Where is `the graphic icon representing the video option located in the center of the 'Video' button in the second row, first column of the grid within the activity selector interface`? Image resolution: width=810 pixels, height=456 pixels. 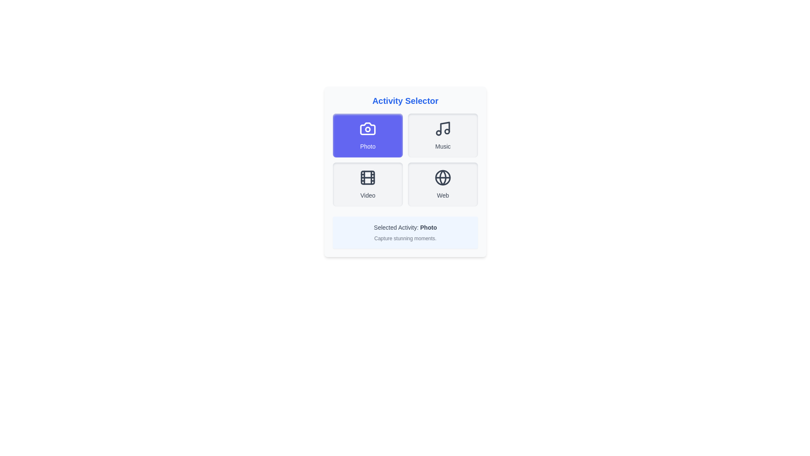 the graphic icon representing the video option located in the center of the 'Video' button in the second row, first column of the grid within the activity selector interface is located at coordinates (368, 177).